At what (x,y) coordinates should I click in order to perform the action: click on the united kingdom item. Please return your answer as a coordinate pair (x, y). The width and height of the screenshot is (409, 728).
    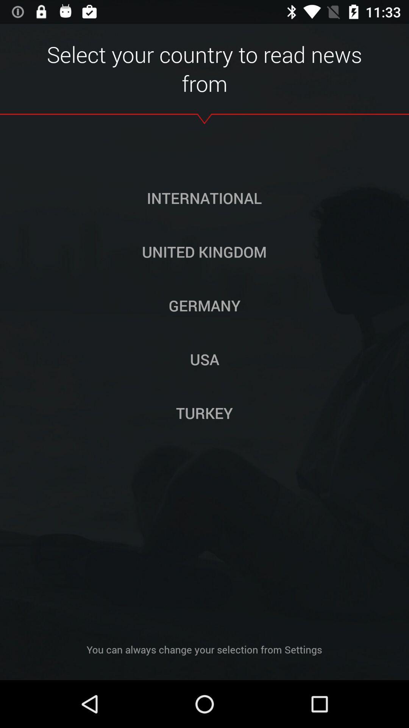
    Looking at the image, I should click on (204, 251).